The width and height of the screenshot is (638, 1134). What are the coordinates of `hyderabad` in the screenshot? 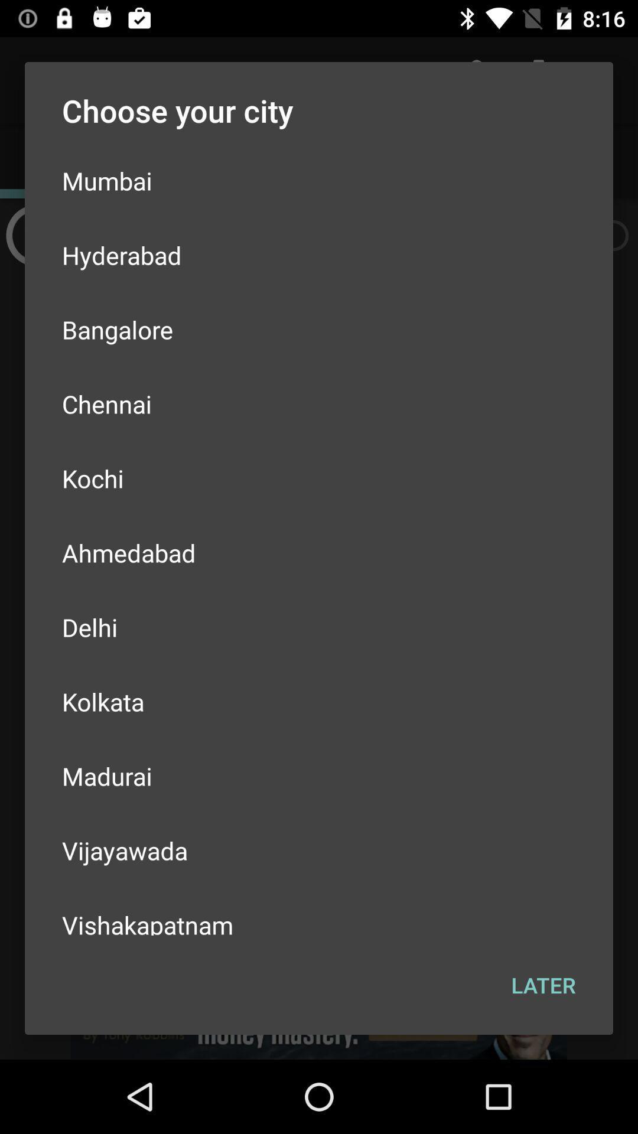 It's located at (319, 255).